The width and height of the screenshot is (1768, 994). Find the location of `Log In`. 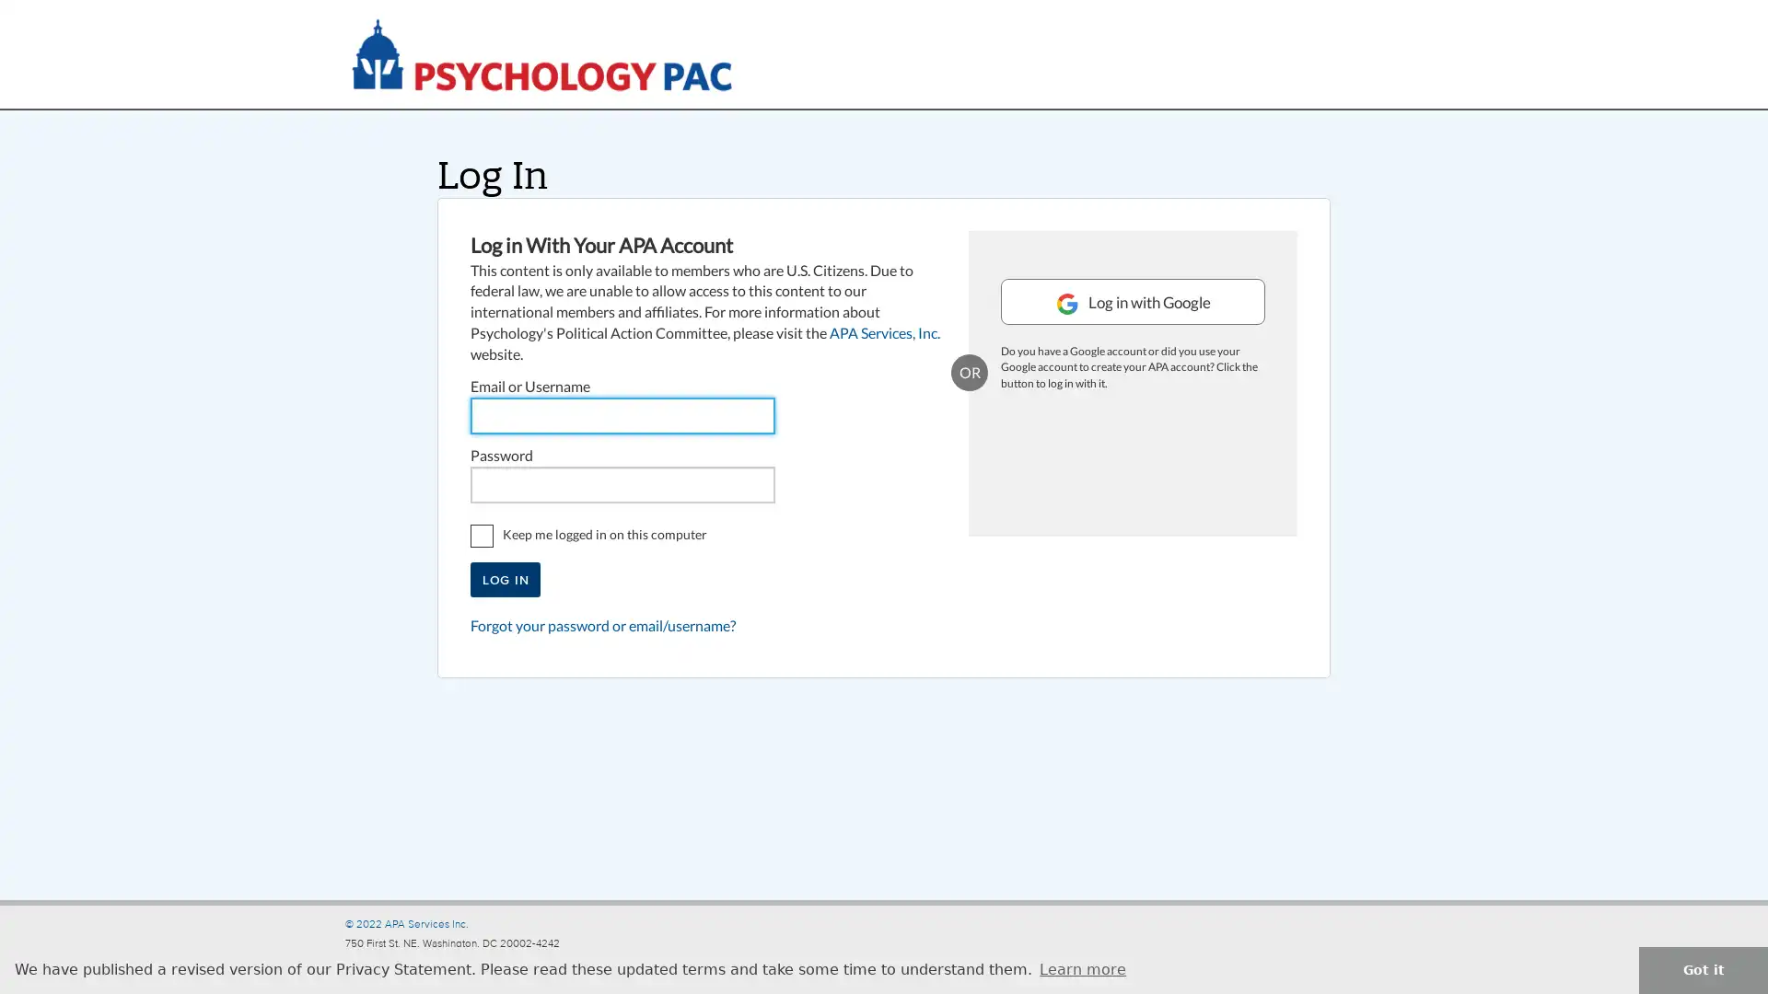

Log In is located at coordinates (505, 577).